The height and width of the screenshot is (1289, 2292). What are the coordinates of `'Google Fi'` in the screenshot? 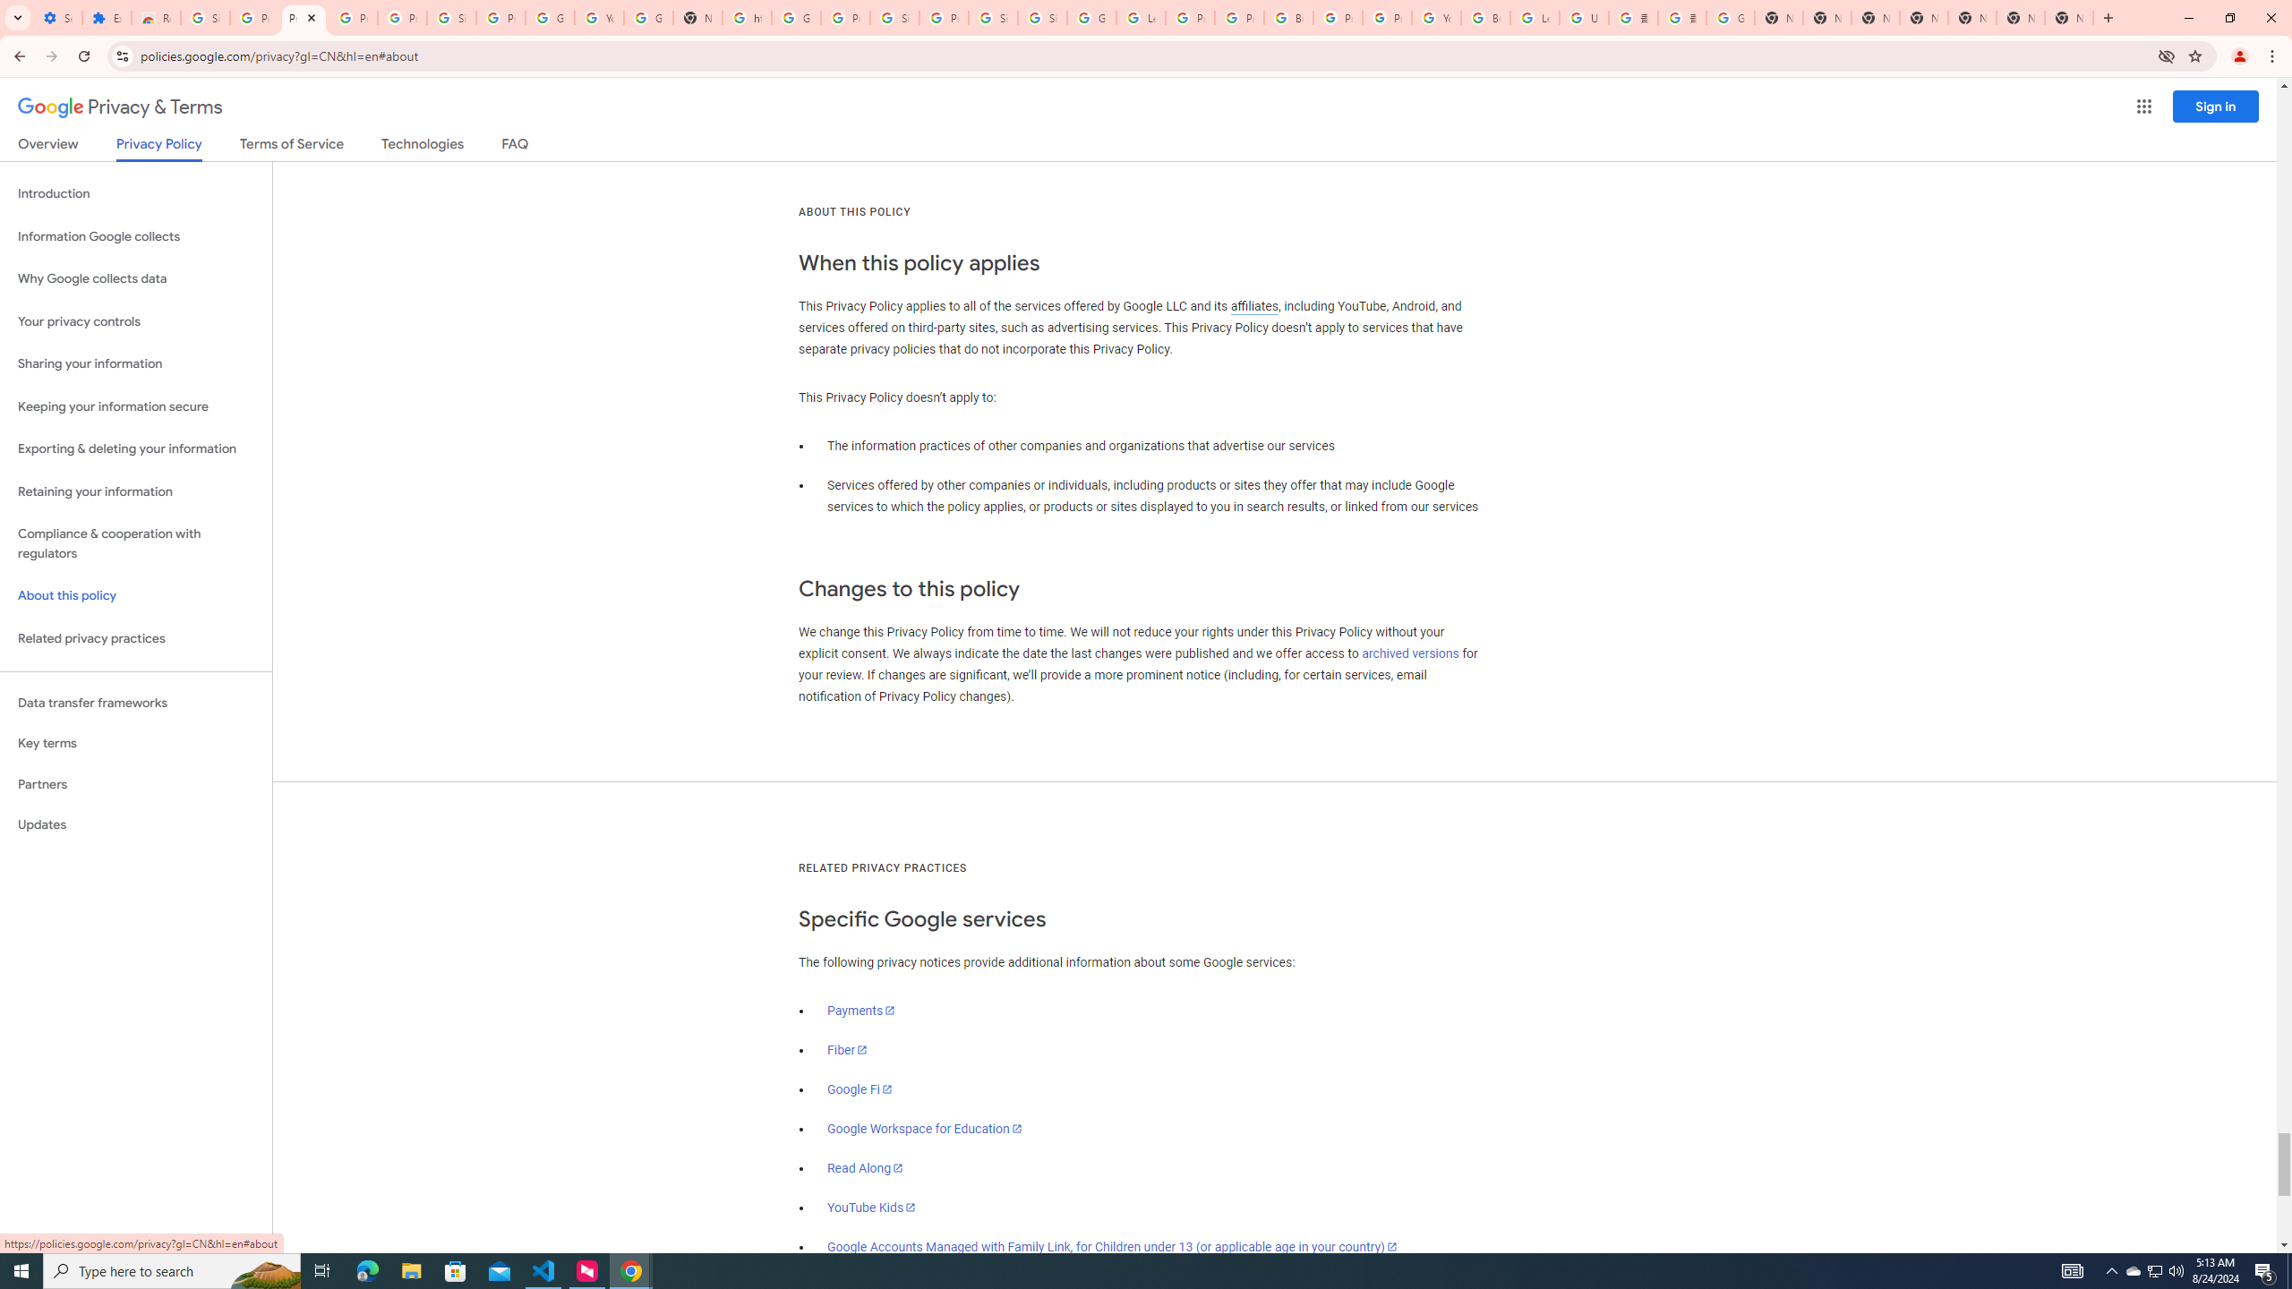 It's located at (859, 1088).